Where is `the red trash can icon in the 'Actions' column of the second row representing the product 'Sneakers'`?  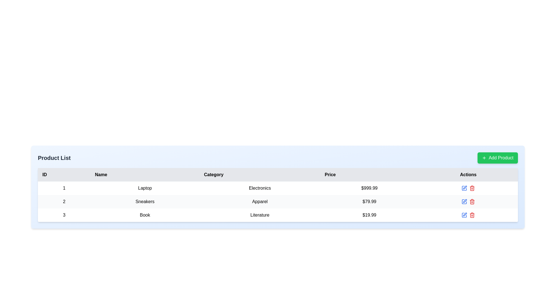 the red trash can icon in the 'Actions' column of the second row representing the product 'Sneakers' is located at coordinates (468, 201).